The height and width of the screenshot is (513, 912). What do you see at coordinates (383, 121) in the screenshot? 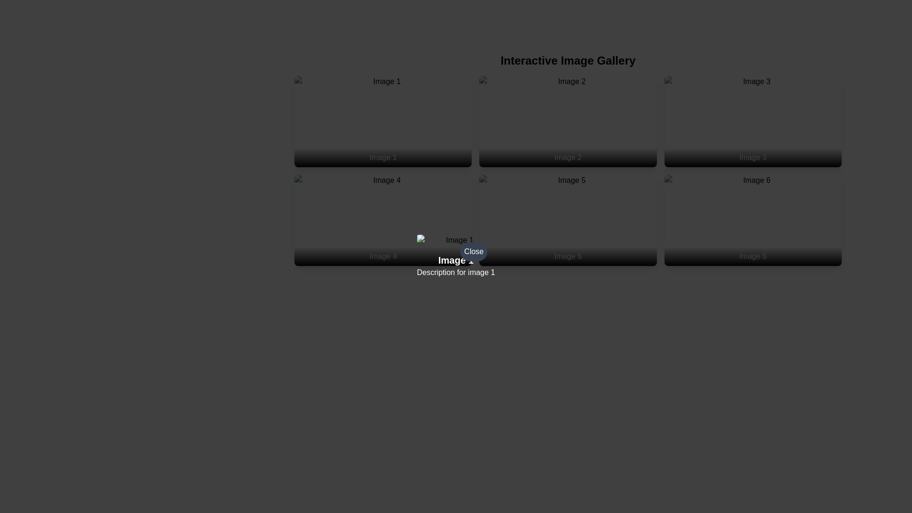
I see `the first Image card, which is a rectangular card with rounded corners displaying 'Image 1' at the bottom, to interact with it` at bounding box center [383, 121].